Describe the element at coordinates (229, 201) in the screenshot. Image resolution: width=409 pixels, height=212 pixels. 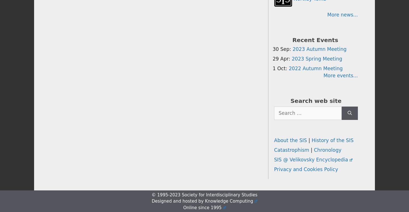
I see `'Knowledge Computing'` at that location.